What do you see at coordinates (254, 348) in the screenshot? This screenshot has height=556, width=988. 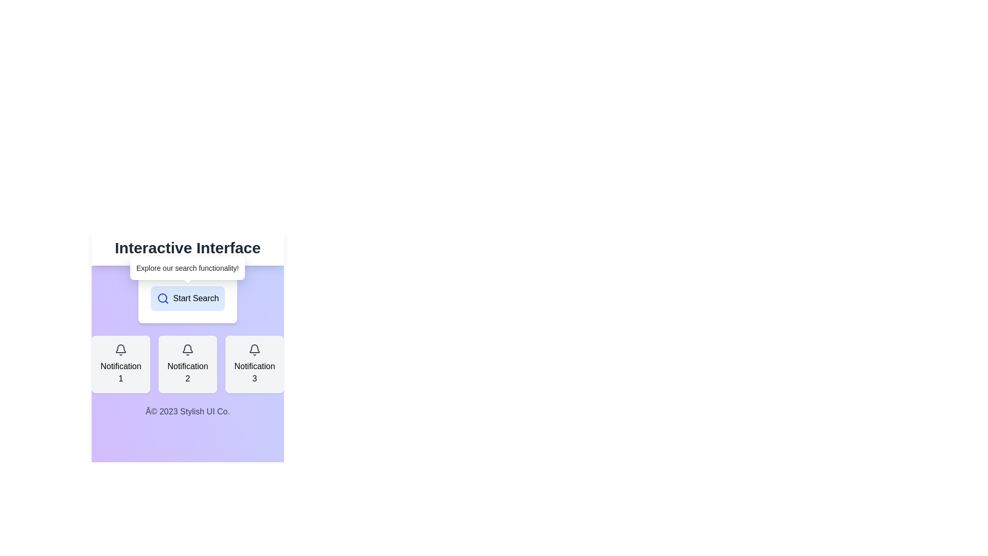 I see `lower portion of the SVG bell icon located in the third notification card in the bottom row of the interface using developer tools` at bounding box center [254, 348].